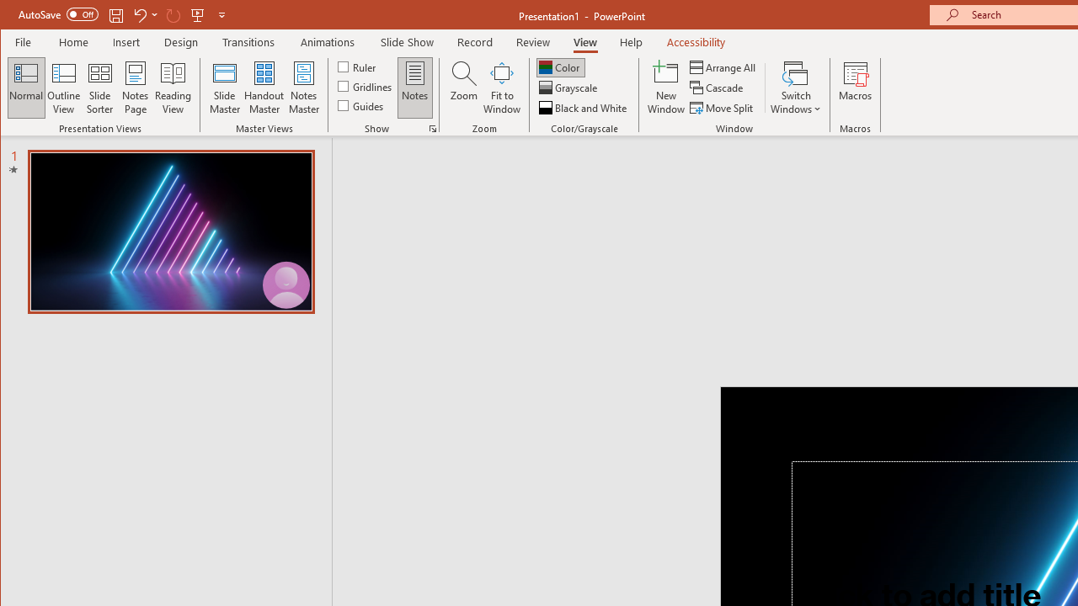 The image size is (1078, 606). Describe the element at coordinates (361, 105) in the screenshot. I see `'Guides'` at that location.